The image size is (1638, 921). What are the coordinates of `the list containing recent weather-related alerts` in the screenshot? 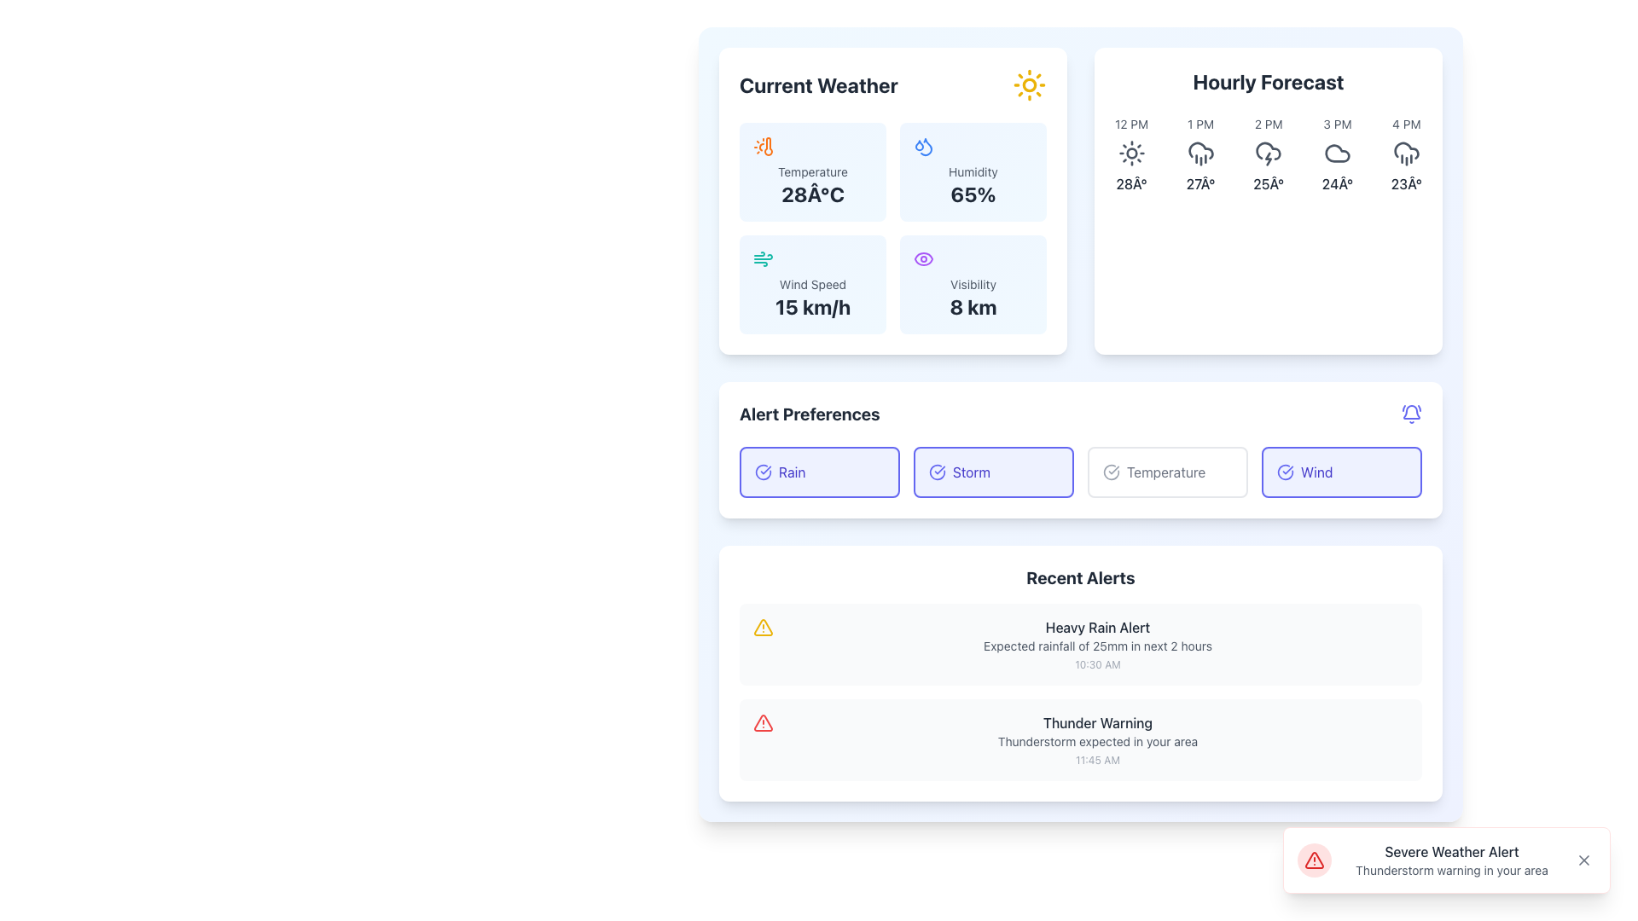 It's located at (1080, 692).